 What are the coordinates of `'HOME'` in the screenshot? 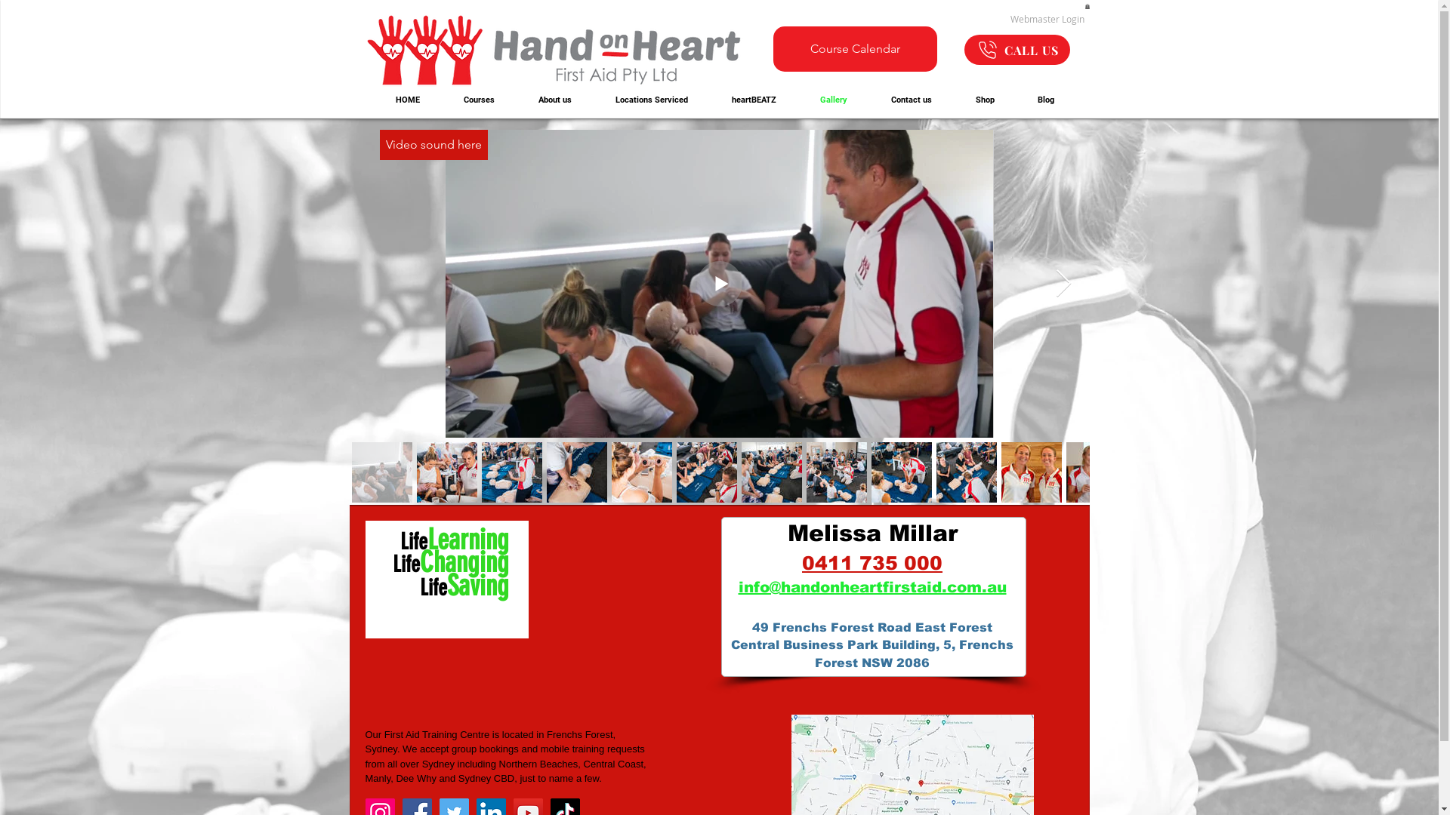 It's located at (373, 100).